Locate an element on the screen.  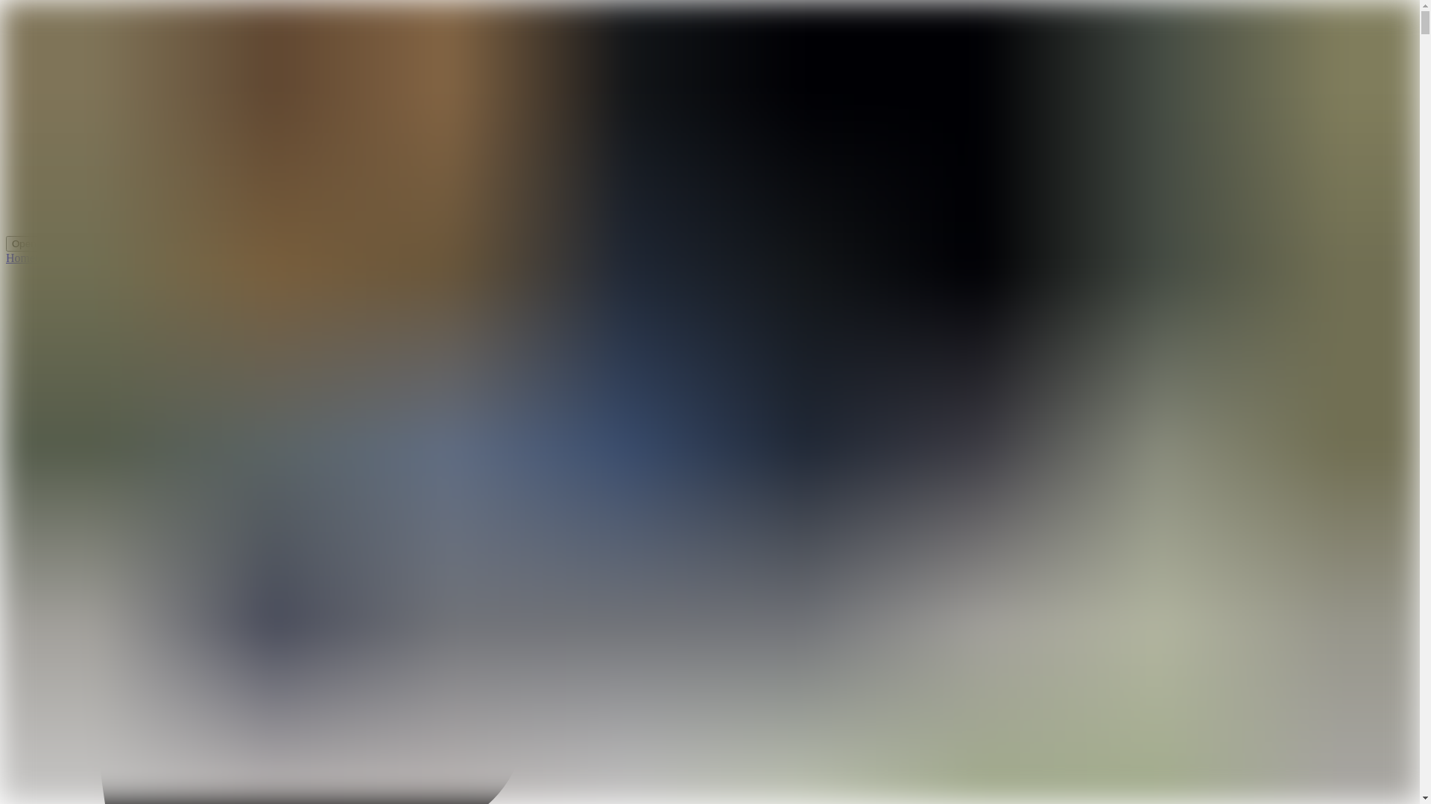
'Diensten' is located at coordinates (78, 257).